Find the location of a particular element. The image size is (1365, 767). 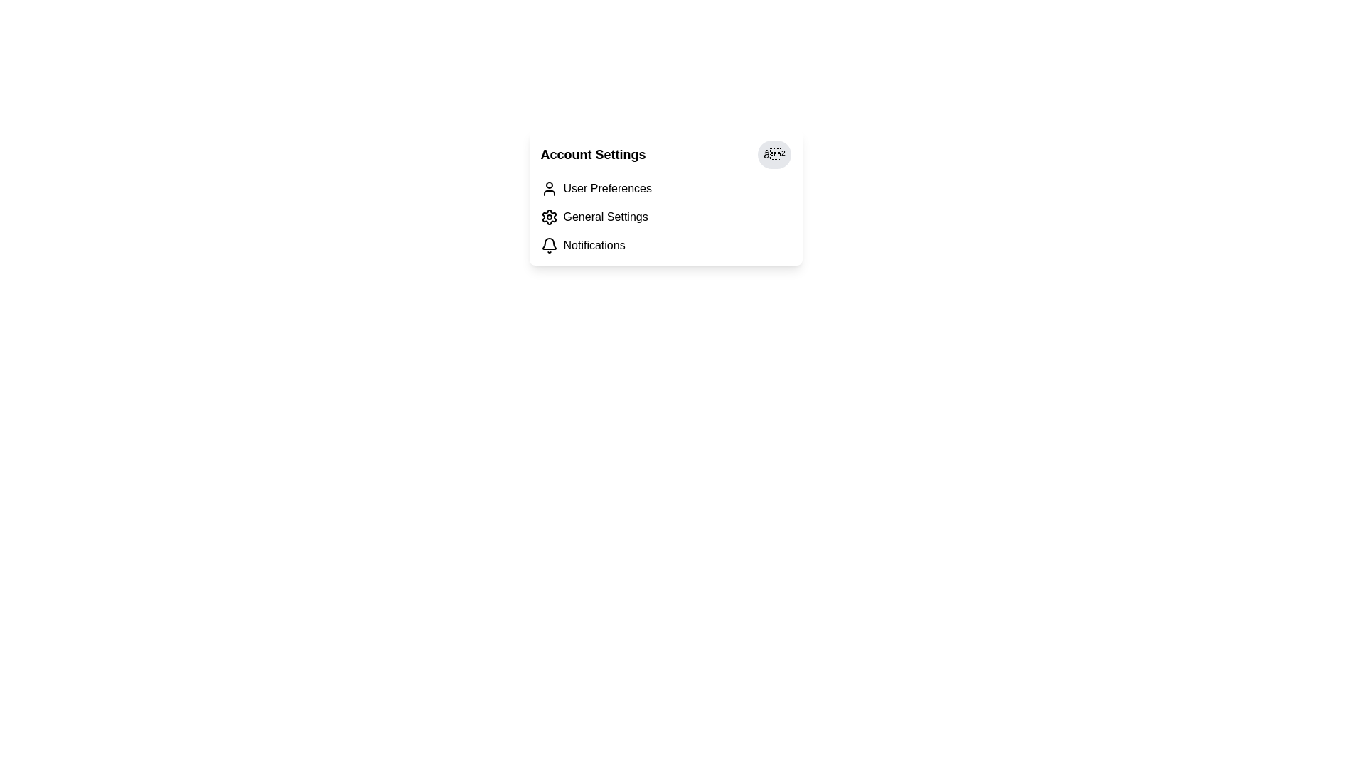

the icons in the 'Account Settings' panel is located at coordinates (665, 197).